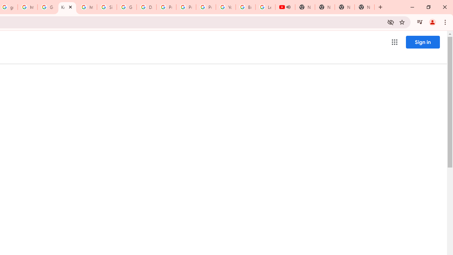 The height and width of the screenshot is (255, 453). I want to click on 'YouTube', so click(225, 7).